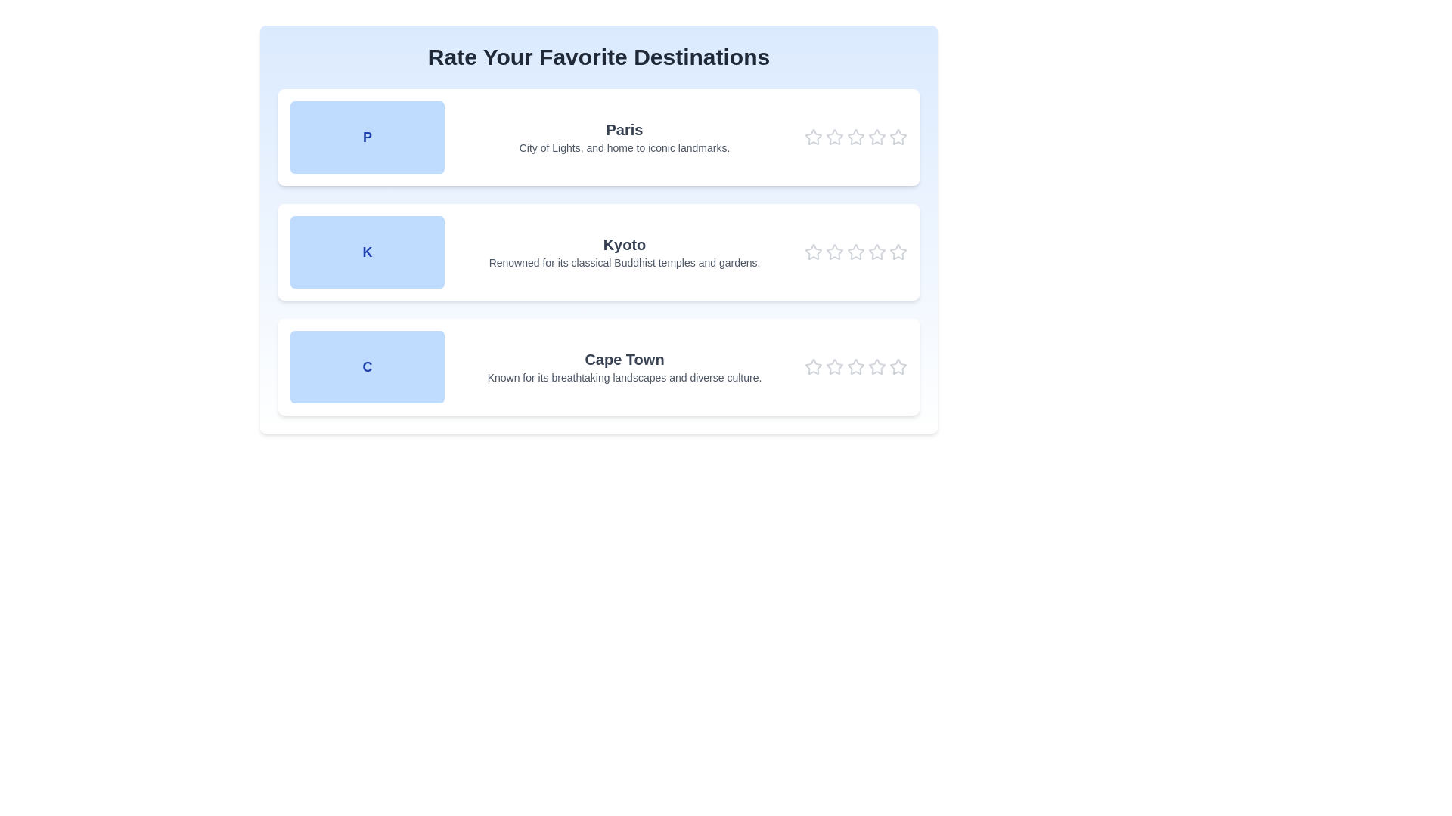 This screenshot has width=1452, height=816. What do you see at coordinates (877, 252) in the screenshot?
I see `the fourth hollow star icon in the five-star rating system under the 'Kyoto' section to rate` at bounding box center [877, 252].